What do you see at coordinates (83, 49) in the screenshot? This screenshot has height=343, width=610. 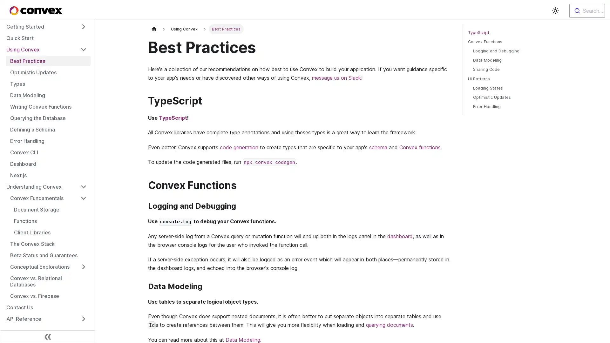 I see `Toggle the collapsible sidebar category 'Using Convex'` at bounding box center [83, 49].